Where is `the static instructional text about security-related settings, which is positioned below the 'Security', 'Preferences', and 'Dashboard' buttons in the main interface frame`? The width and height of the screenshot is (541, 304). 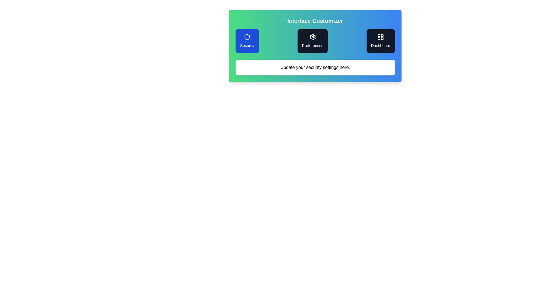
the static instructional text about security-related settings, which is positioned below the 'Security', 'Preferences', and 'Dashboard' buttons in the main interface frame is located at coordinates (315, 67).